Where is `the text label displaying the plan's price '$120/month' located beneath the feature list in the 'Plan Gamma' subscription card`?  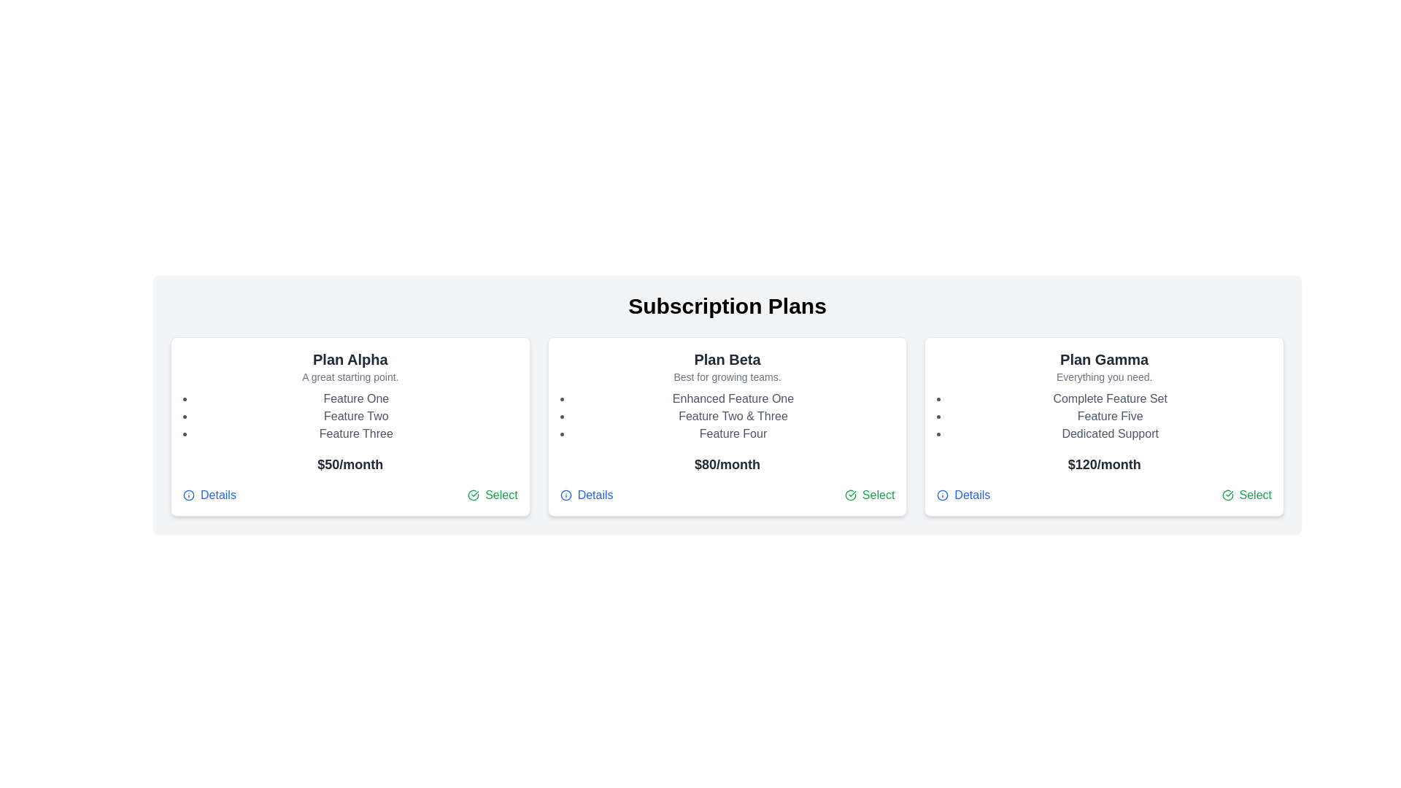
the text label displaying the plan's price '$120/month' located beneath the feature list in the 'Plan Gamma' subscription card is located at coordinates (1104, 464).